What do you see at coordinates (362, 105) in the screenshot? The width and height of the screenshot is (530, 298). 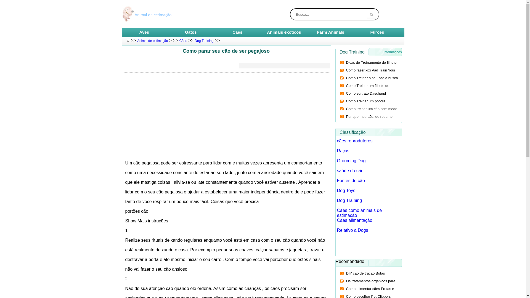 I see `'Como Treinar um poodle miniatura para Sentada'` at bounding box center [362, 105].